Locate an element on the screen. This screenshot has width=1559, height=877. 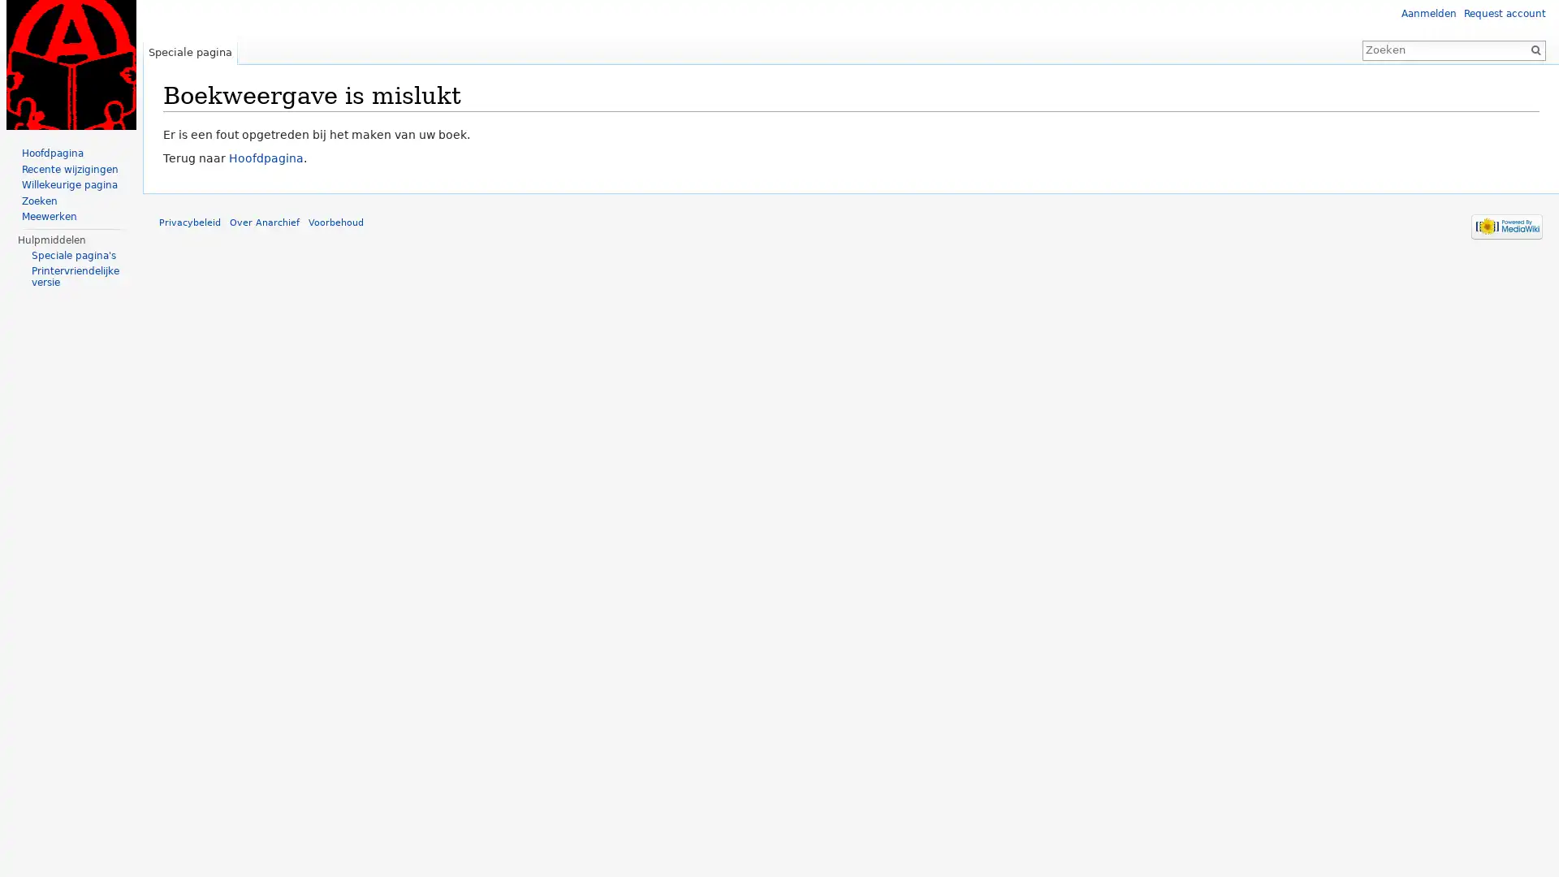
OK is located at coordinates (1535, 49).